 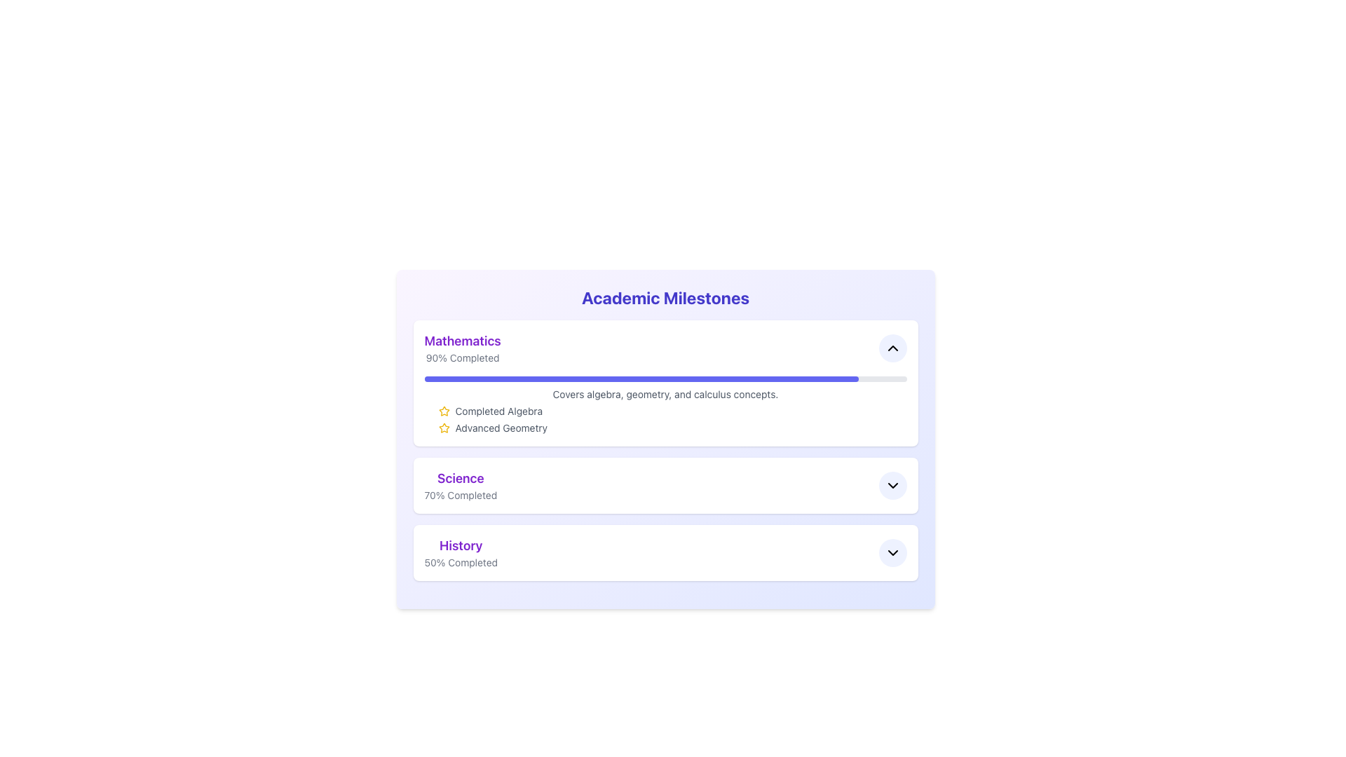 I want to click on the 'Mathematics' static text label displayed in bold purple font located at the top-left corner of the white card in the 'Academic Milestones' section, so click(x=463, y=341).